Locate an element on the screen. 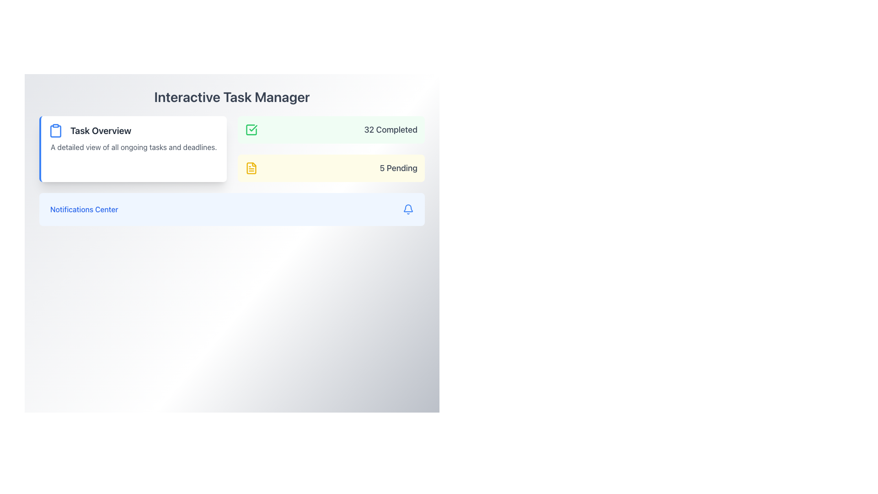 The width and height of the screenshot is (878, 494). the Status summary card located in the second row below the '32 Completed' card is located at coordinates (331, 168).